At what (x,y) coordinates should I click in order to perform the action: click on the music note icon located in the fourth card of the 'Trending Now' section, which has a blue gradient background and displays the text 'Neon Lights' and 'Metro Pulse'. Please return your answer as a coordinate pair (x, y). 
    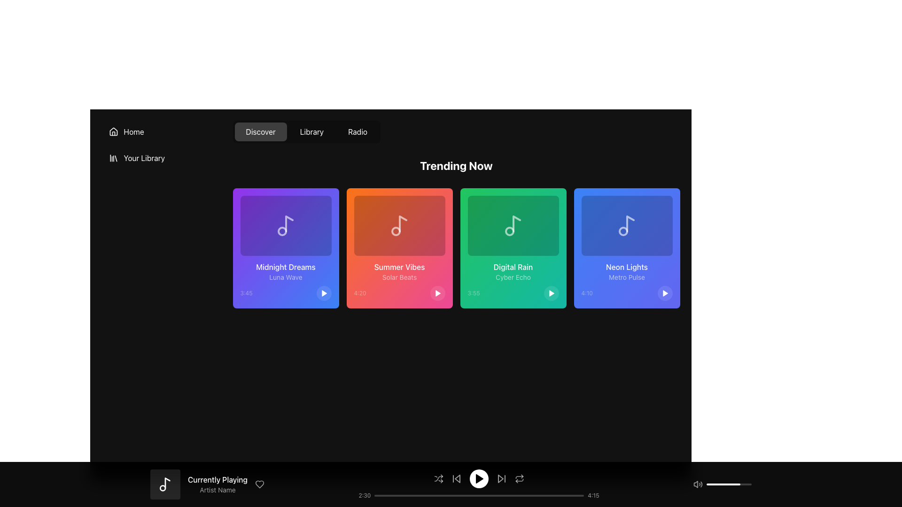
    Looking at the image, I should click on (627, 226).